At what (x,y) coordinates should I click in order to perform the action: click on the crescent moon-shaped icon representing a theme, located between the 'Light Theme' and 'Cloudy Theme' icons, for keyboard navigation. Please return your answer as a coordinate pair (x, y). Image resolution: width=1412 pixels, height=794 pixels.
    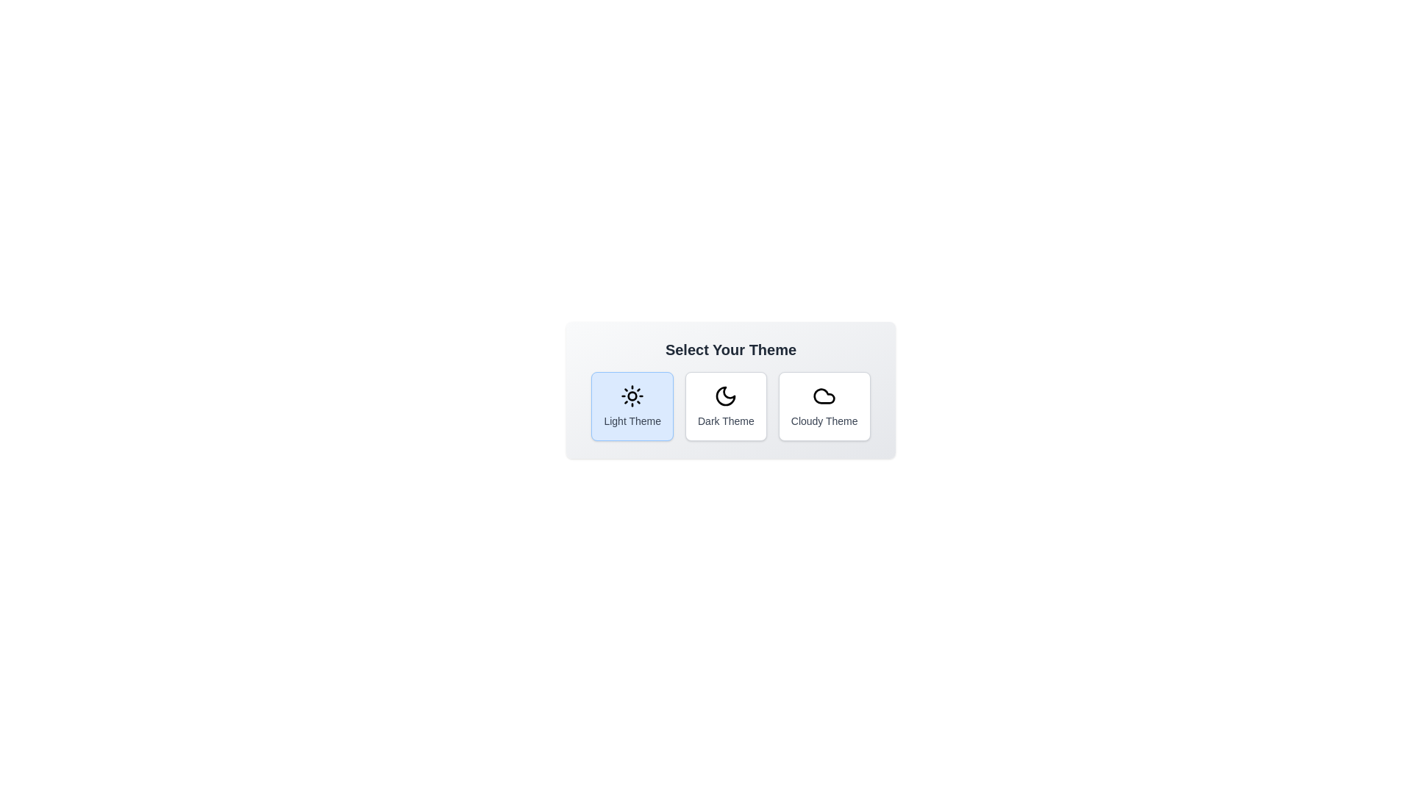
    Looking at the image, I should click on (726, 396).